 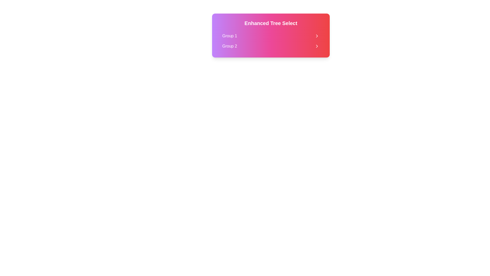 I want to click on the first text label in the 'Enhanced Tree Select' list, which is positioned above 'Group 2' and left of the right-arrow icon, so click(x=229, y=36).